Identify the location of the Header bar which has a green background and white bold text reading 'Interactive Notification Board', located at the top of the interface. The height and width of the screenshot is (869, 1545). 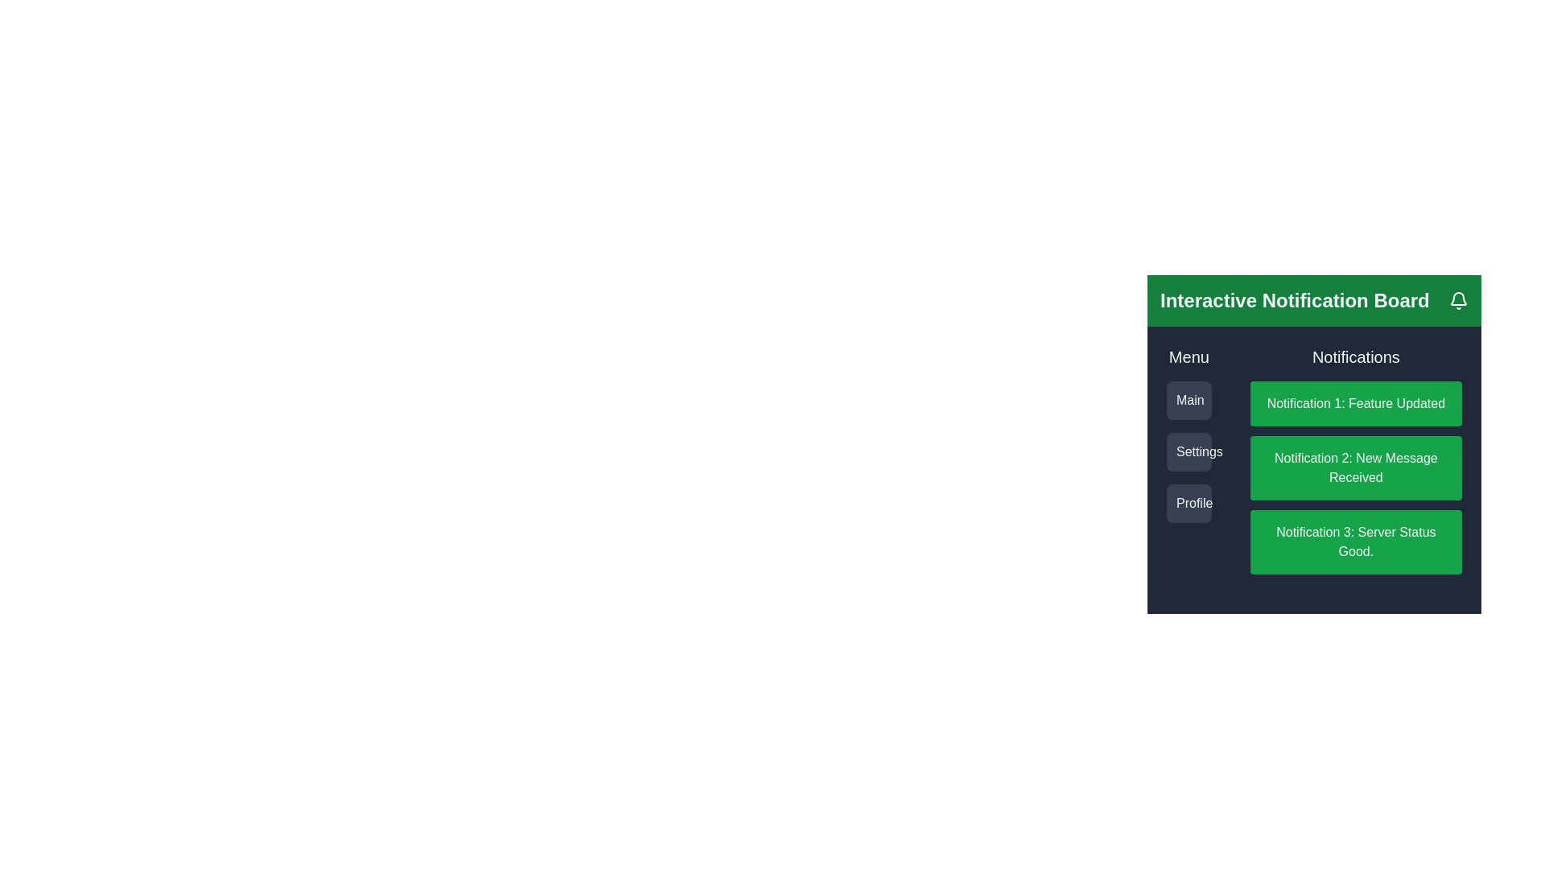
(1314, 301).